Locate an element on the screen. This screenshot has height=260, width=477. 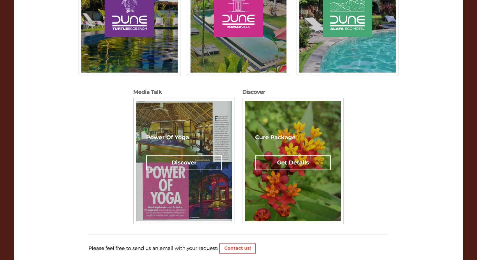
'Get Details' is located at coordinates (292, 162).